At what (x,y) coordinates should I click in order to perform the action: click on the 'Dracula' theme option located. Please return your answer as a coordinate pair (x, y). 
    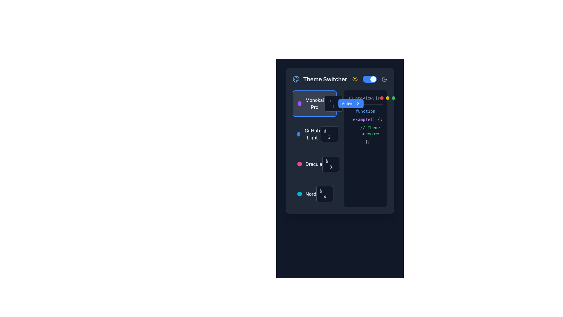
    Looking at the image, I should click on (314, 164).